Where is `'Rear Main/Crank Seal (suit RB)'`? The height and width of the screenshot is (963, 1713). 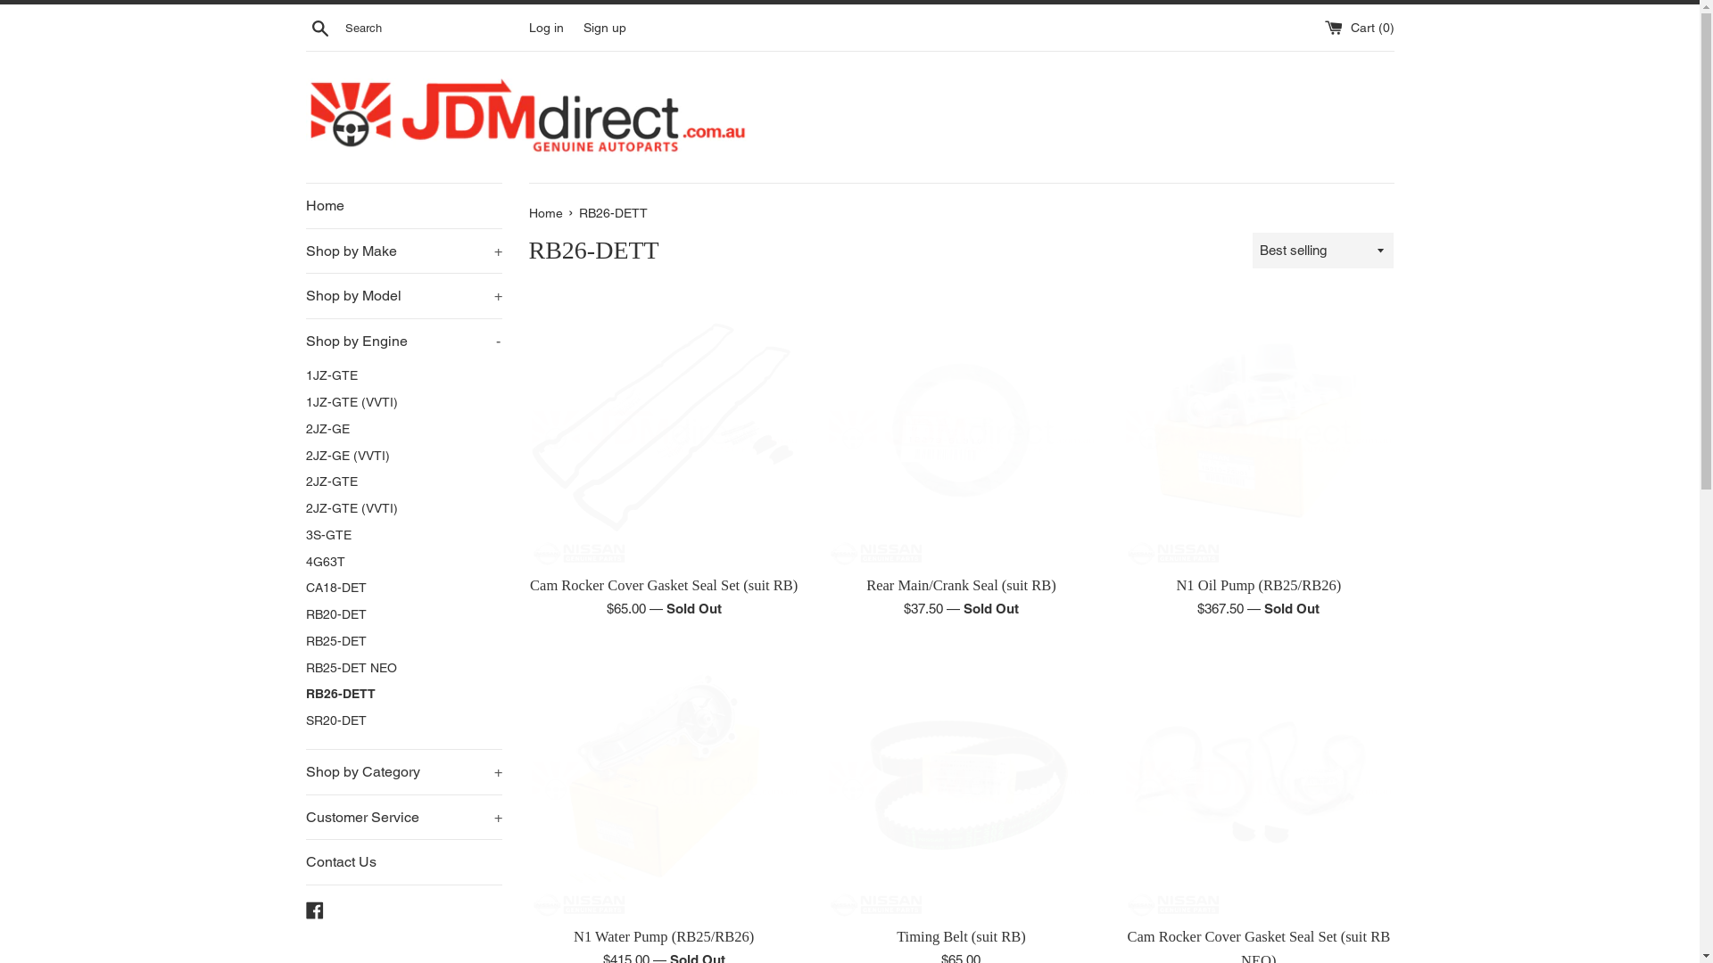 'Rear Main/Crank Seal (suit RB)' is located at coordinates (960, 430).